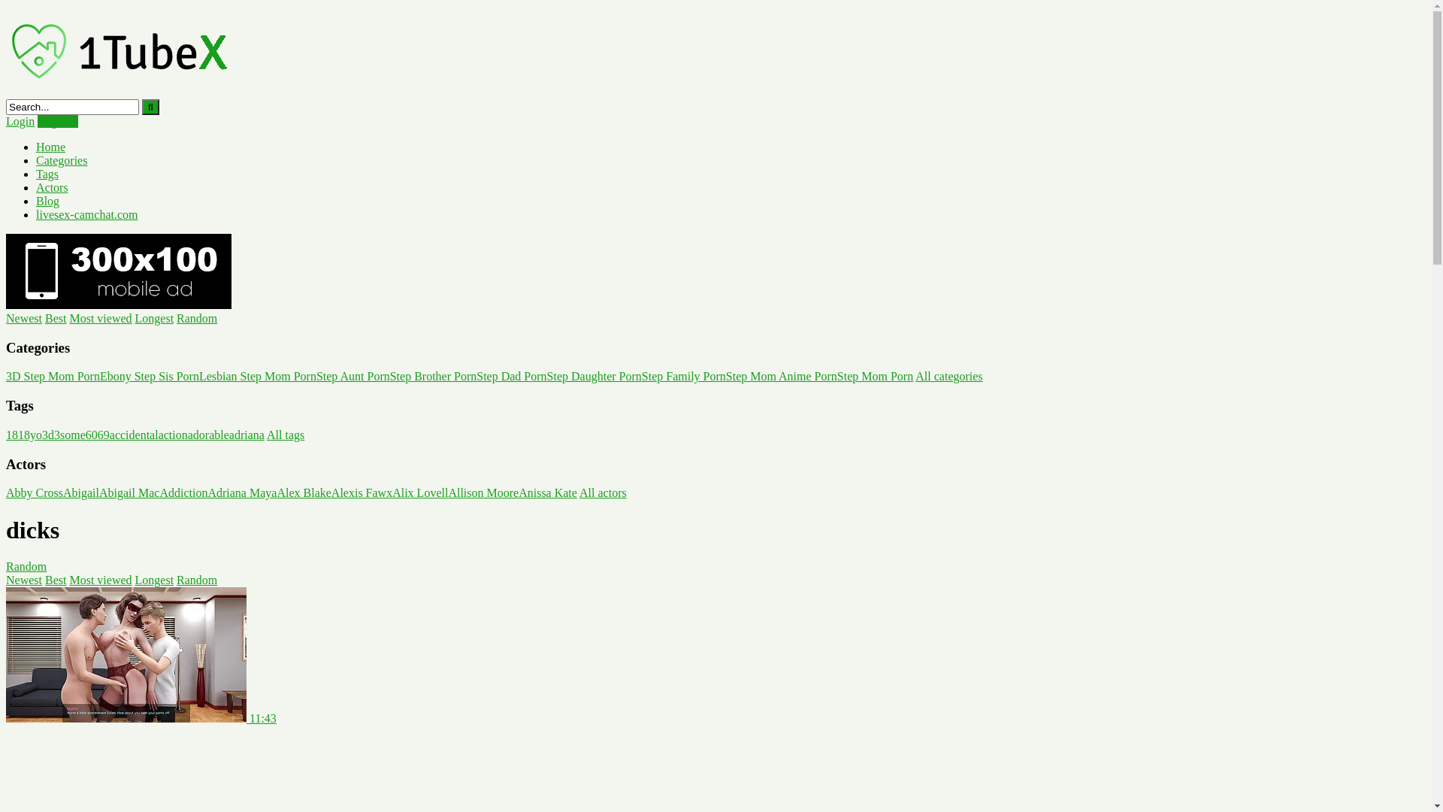  What do you see at coordinates (948, 375) in the screenshot?
I see `'All categories'` at bounding box center [948, 375].